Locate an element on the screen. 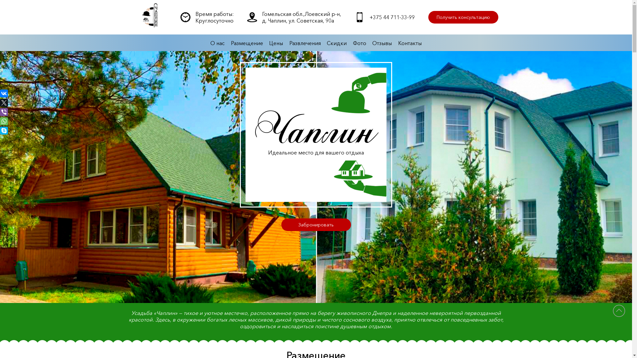  '+375 44 711-33-99' is located at coordinates (369, 17).